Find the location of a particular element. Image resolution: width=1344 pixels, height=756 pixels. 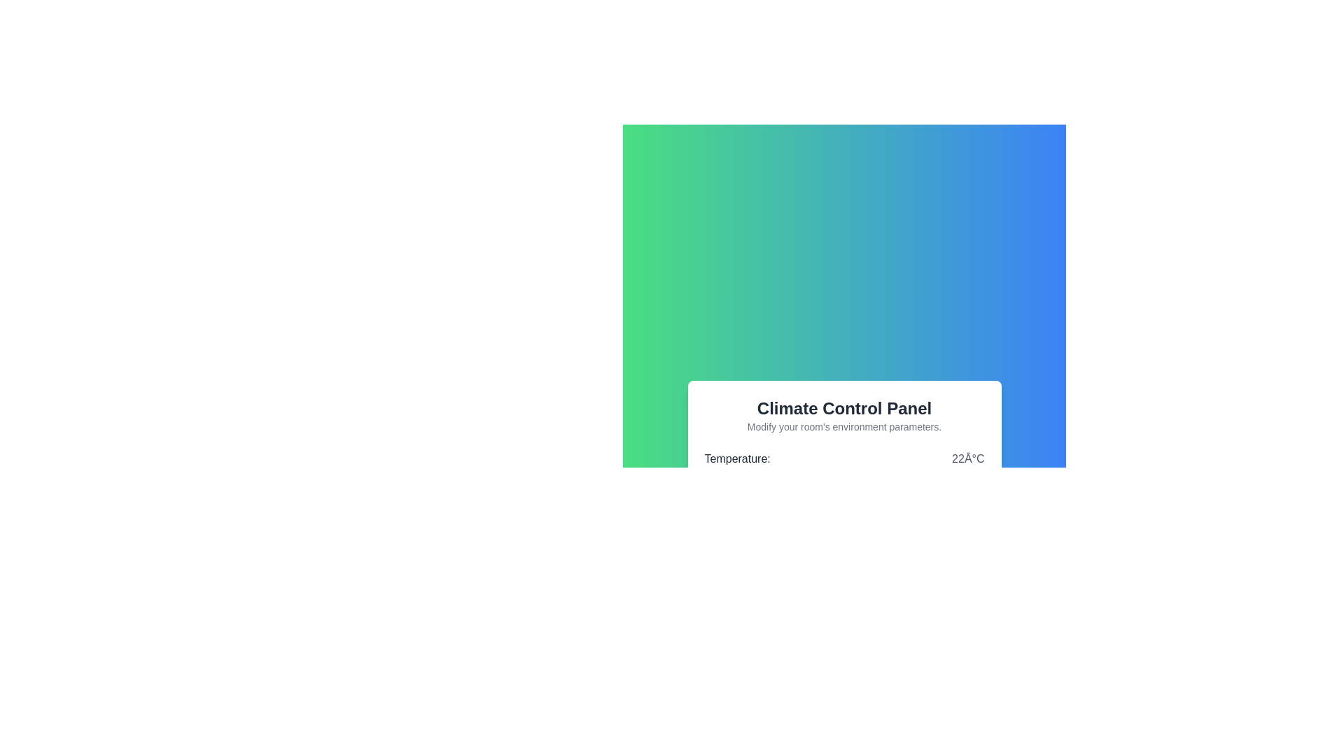

the temperature display element indicating '22°C', which is positioned to the right of the 'Temperature:' label in the Climate Control Panel is located at coordinates (967, 458).